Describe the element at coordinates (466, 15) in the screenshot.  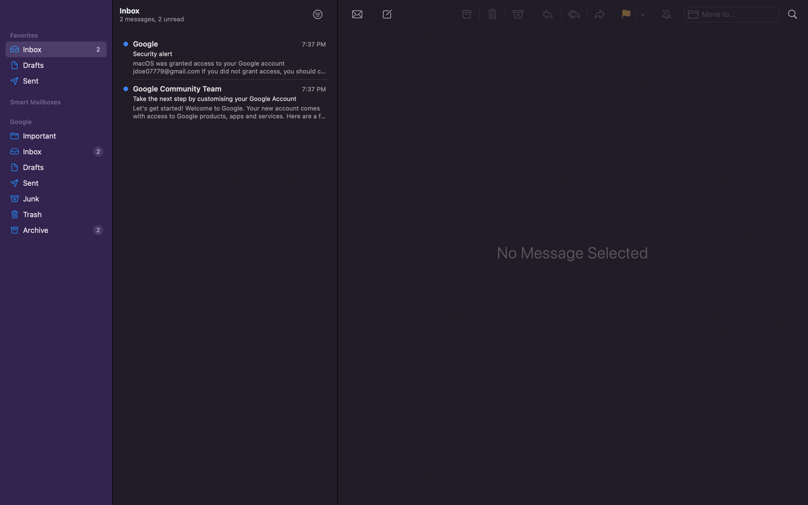
I see `Store the chosen messages in the archive` at that location.